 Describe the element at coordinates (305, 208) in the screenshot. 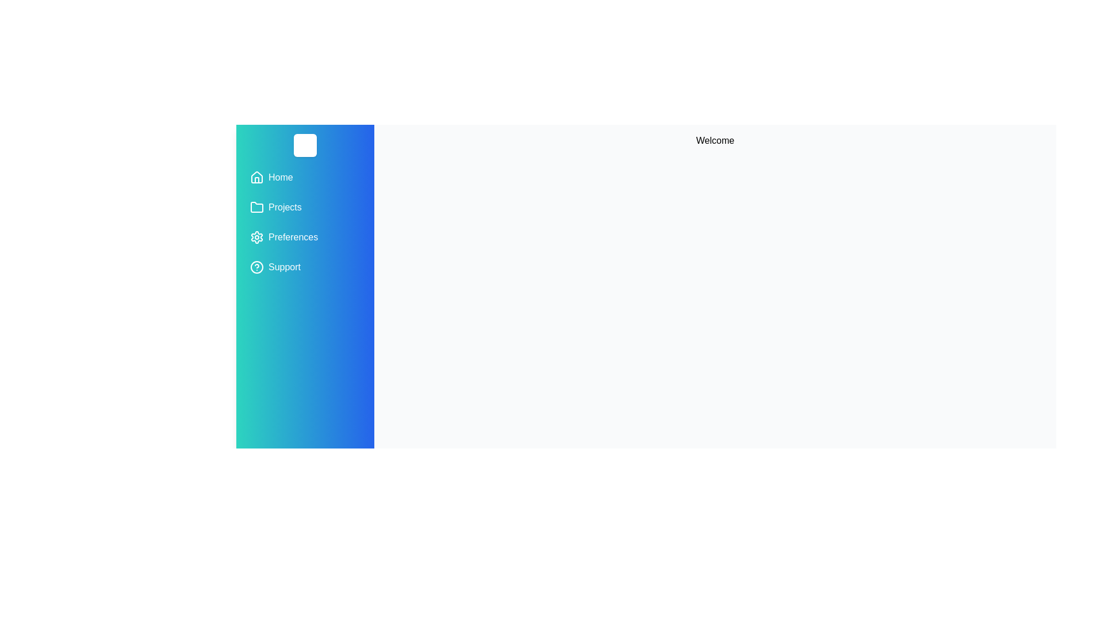

I see `the menu item Projects` at that location.